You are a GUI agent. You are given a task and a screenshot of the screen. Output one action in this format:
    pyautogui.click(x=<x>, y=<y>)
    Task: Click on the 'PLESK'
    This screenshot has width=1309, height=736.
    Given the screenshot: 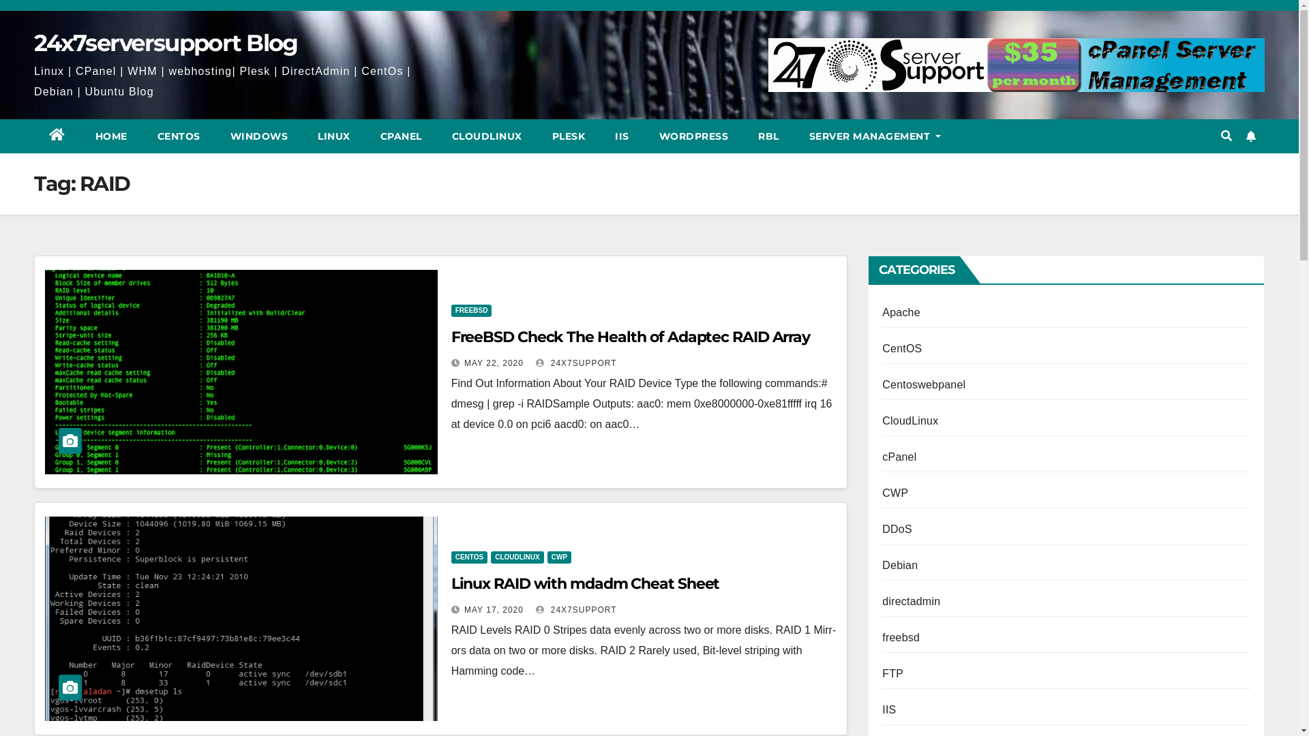 What is the action you would take?
    pyautogui.click(x=569, y=136)
    